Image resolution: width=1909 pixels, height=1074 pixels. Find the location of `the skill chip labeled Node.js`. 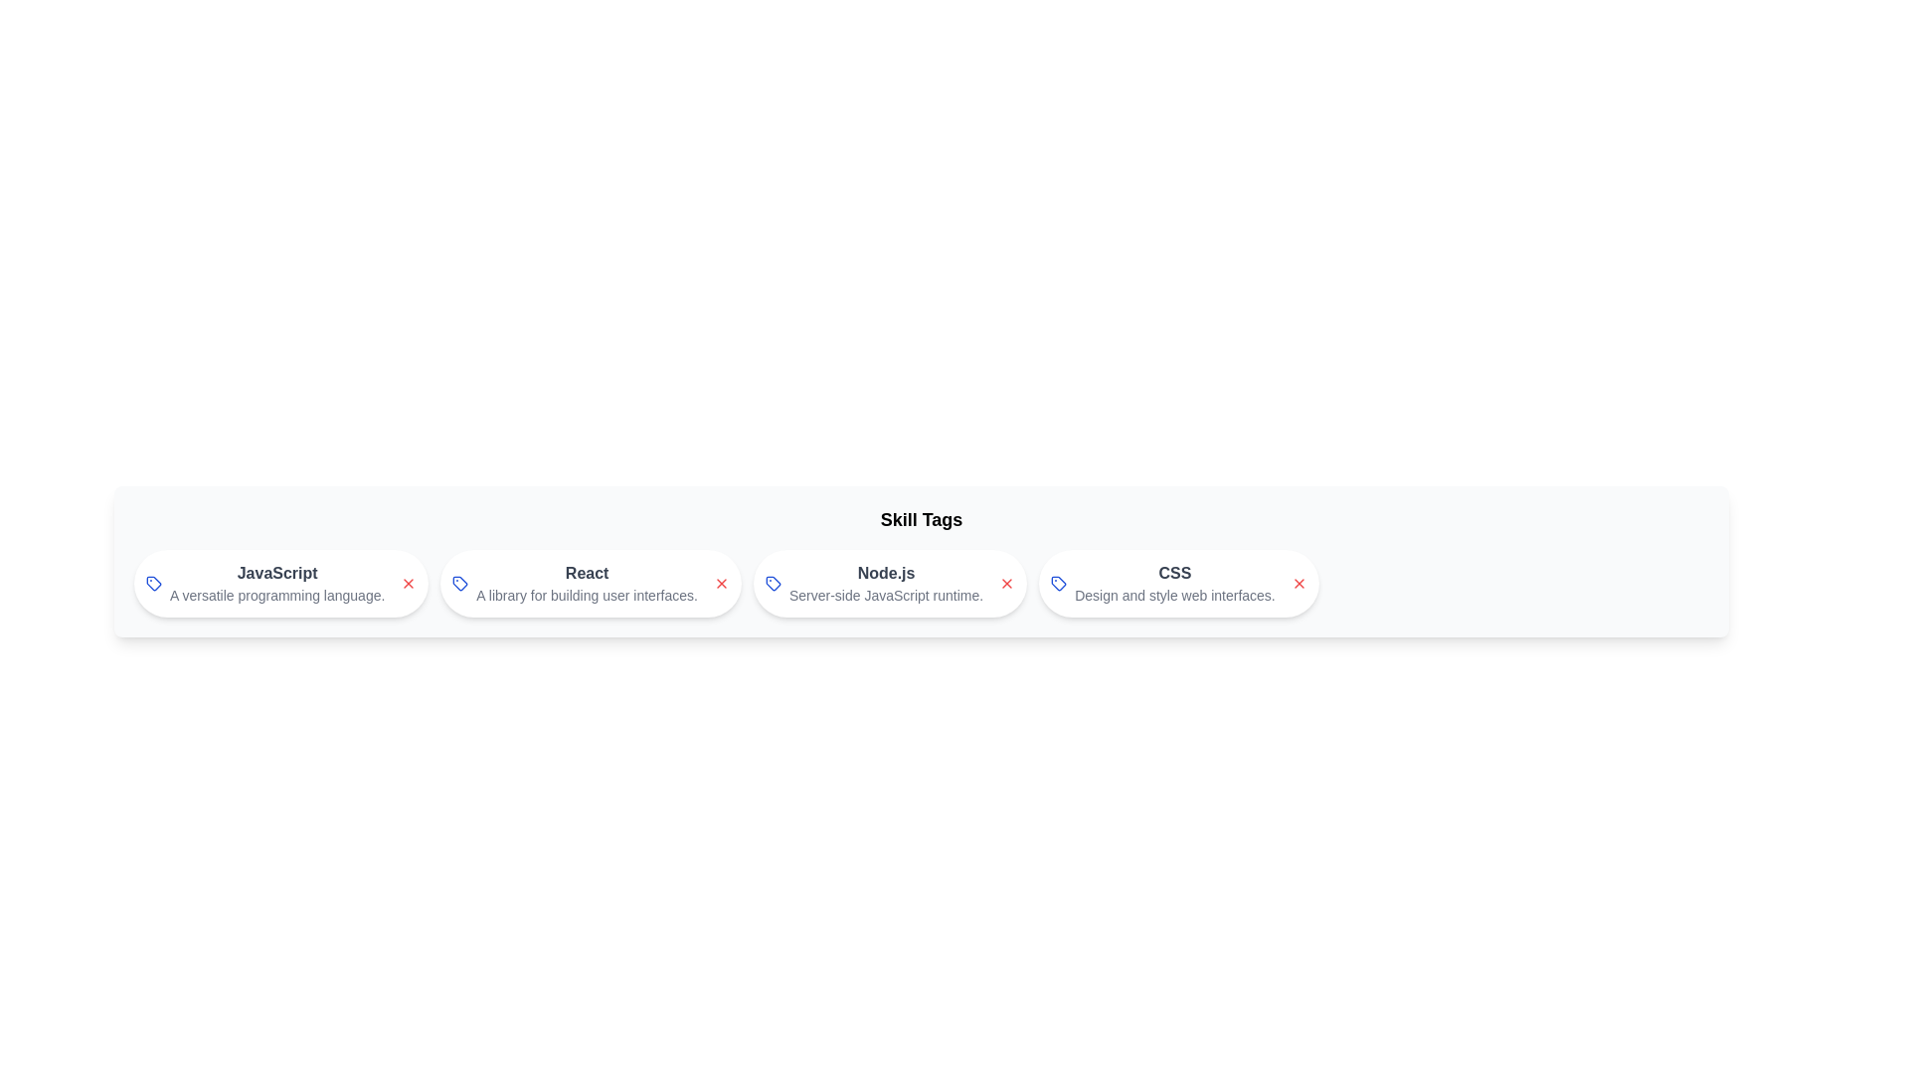

the skill chip labeled Node.js is located at coordinates (888, 582).